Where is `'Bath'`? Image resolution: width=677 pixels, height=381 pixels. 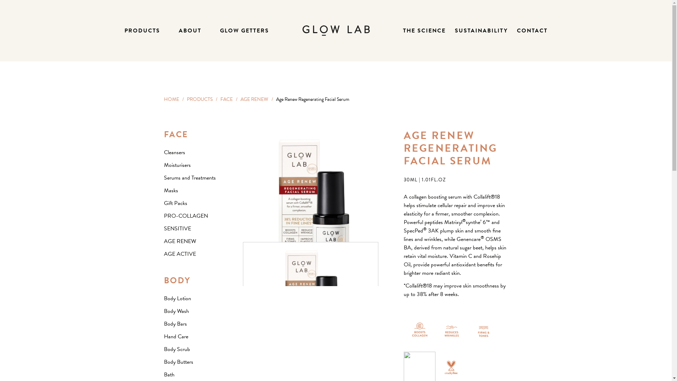
'Bath' is located at coordinates (163, 374).